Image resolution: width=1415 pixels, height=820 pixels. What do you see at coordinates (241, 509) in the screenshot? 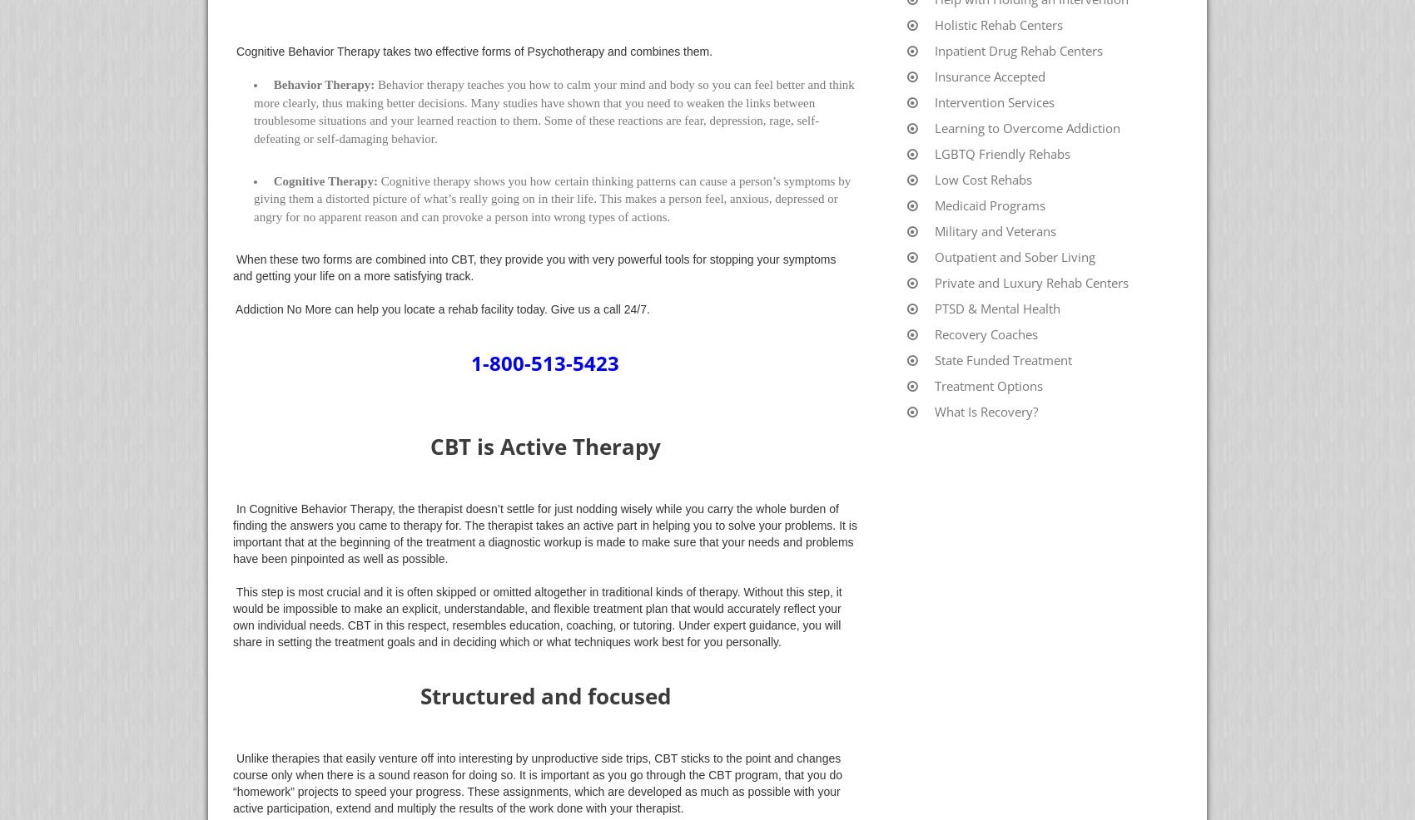
I see `'In'` at bounding box center [241, 509].